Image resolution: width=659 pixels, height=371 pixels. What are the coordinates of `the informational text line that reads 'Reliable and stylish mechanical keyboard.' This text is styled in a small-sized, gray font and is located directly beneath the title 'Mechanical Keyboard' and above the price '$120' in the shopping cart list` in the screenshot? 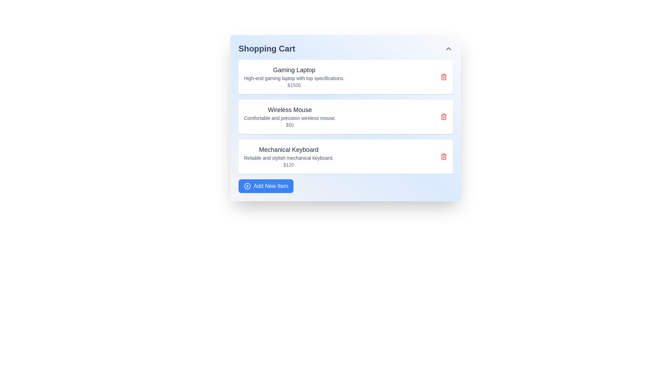 It's located at (289, 158).